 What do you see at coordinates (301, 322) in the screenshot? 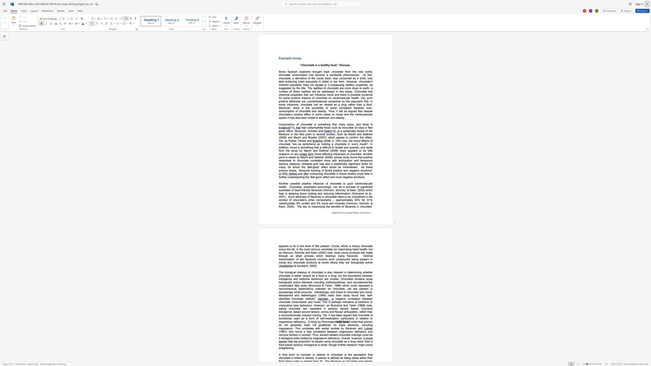
I see `the subset text "ncy" within the text "is sometimes used as a form of self-medication, particularly in relation to magnesium deficiency"` at bounding box center [301, 322].